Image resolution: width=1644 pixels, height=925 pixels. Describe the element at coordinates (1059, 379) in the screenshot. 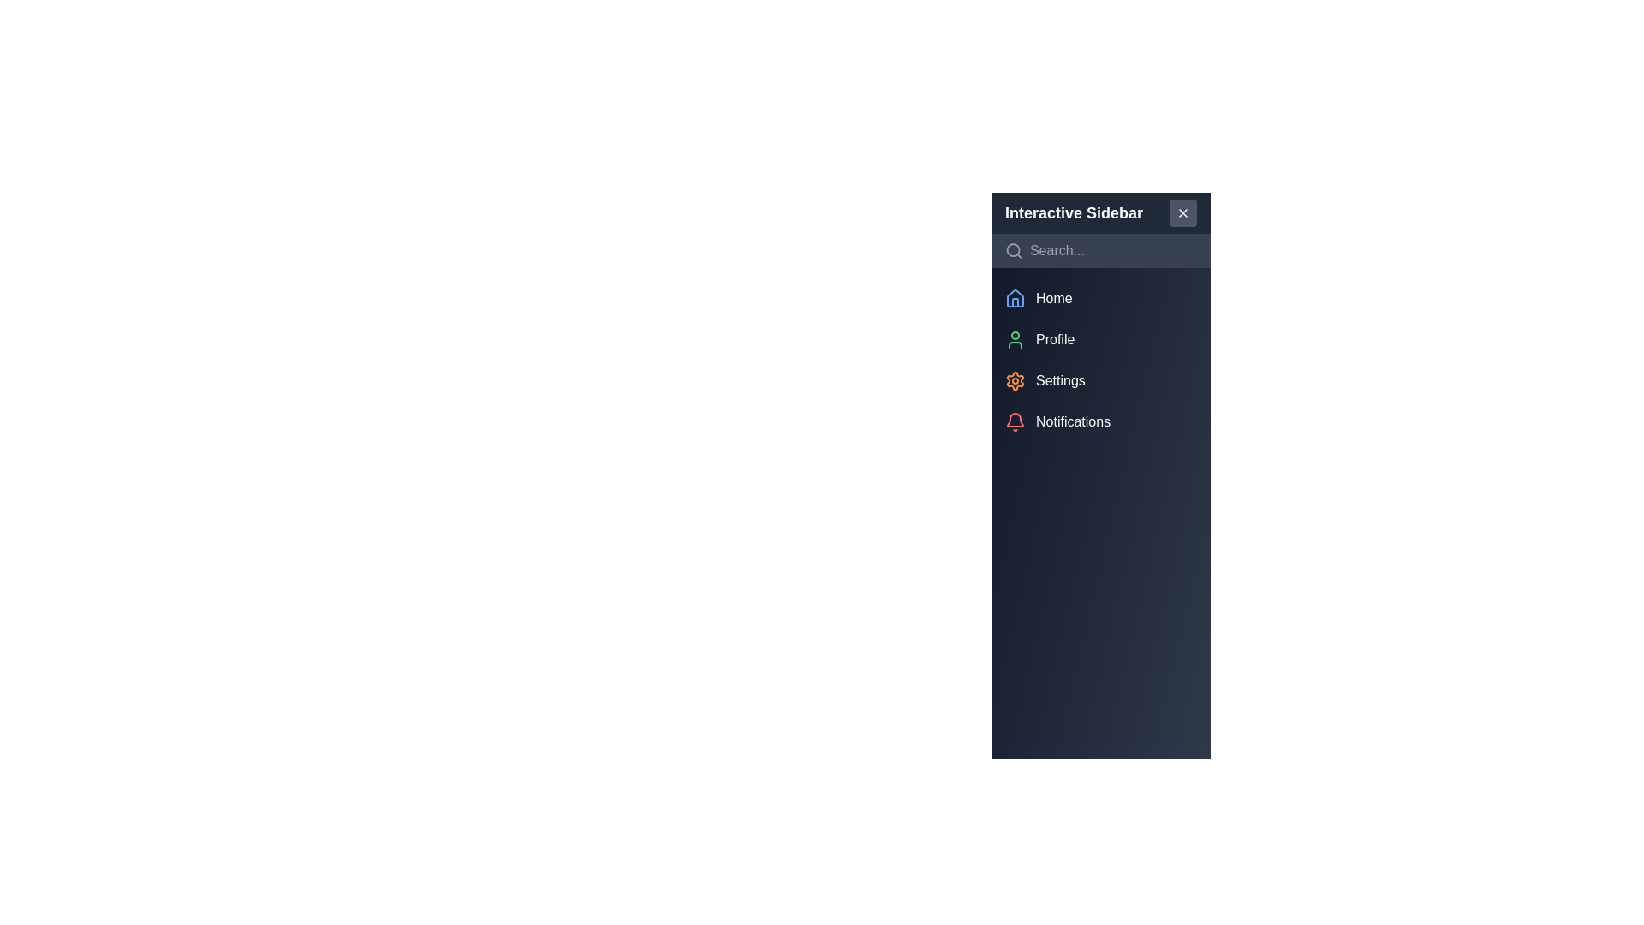

I see `text label 'Settings' located in the sidebar interface, which is displayed in a bold font and contrasts against a dark background` at that location.